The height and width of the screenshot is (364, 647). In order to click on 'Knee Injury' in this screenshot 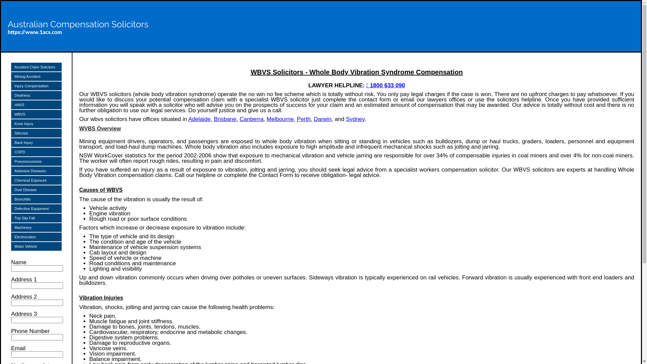, I will do `click(11, 123)`.